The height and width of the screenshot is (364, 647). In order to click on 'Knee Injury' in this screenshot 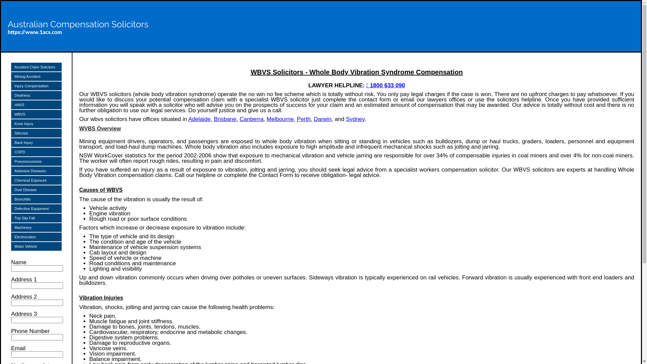, I will do `click(11, 123)`.